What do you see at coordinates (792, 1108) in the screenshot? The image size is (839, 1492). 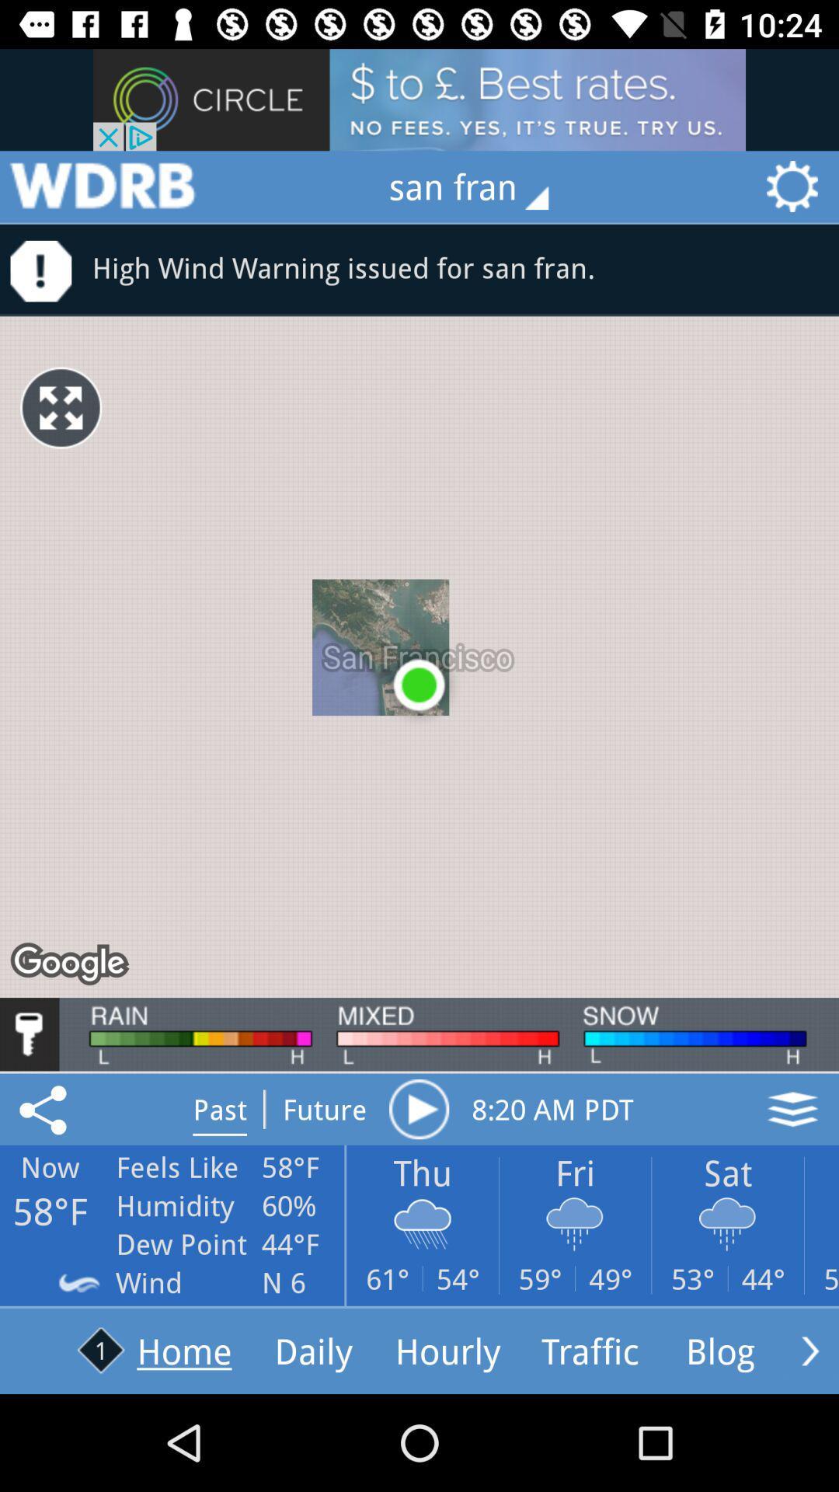 I see `the layers icon` at bounding box center [792, 1108].